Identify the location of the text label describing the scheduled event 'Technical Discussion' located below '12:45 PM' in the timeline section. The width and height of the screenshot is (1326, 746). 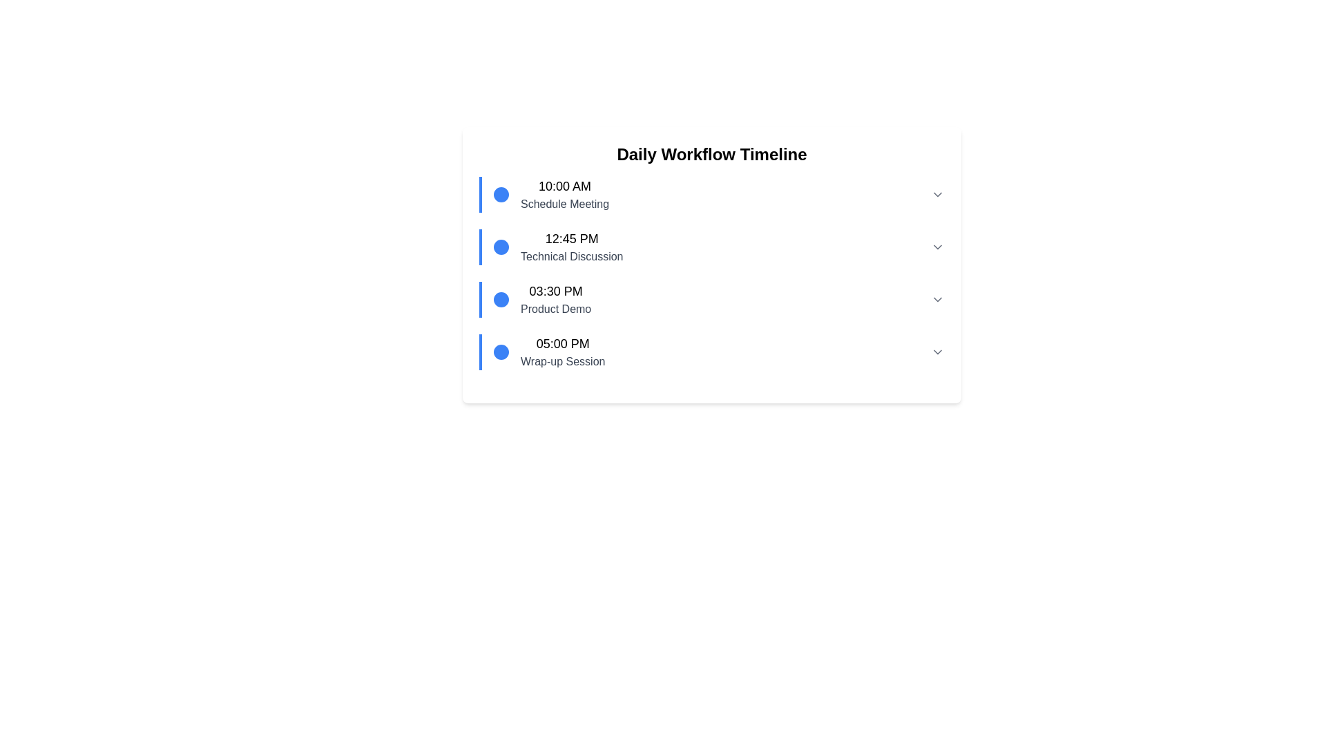
(572, 256).